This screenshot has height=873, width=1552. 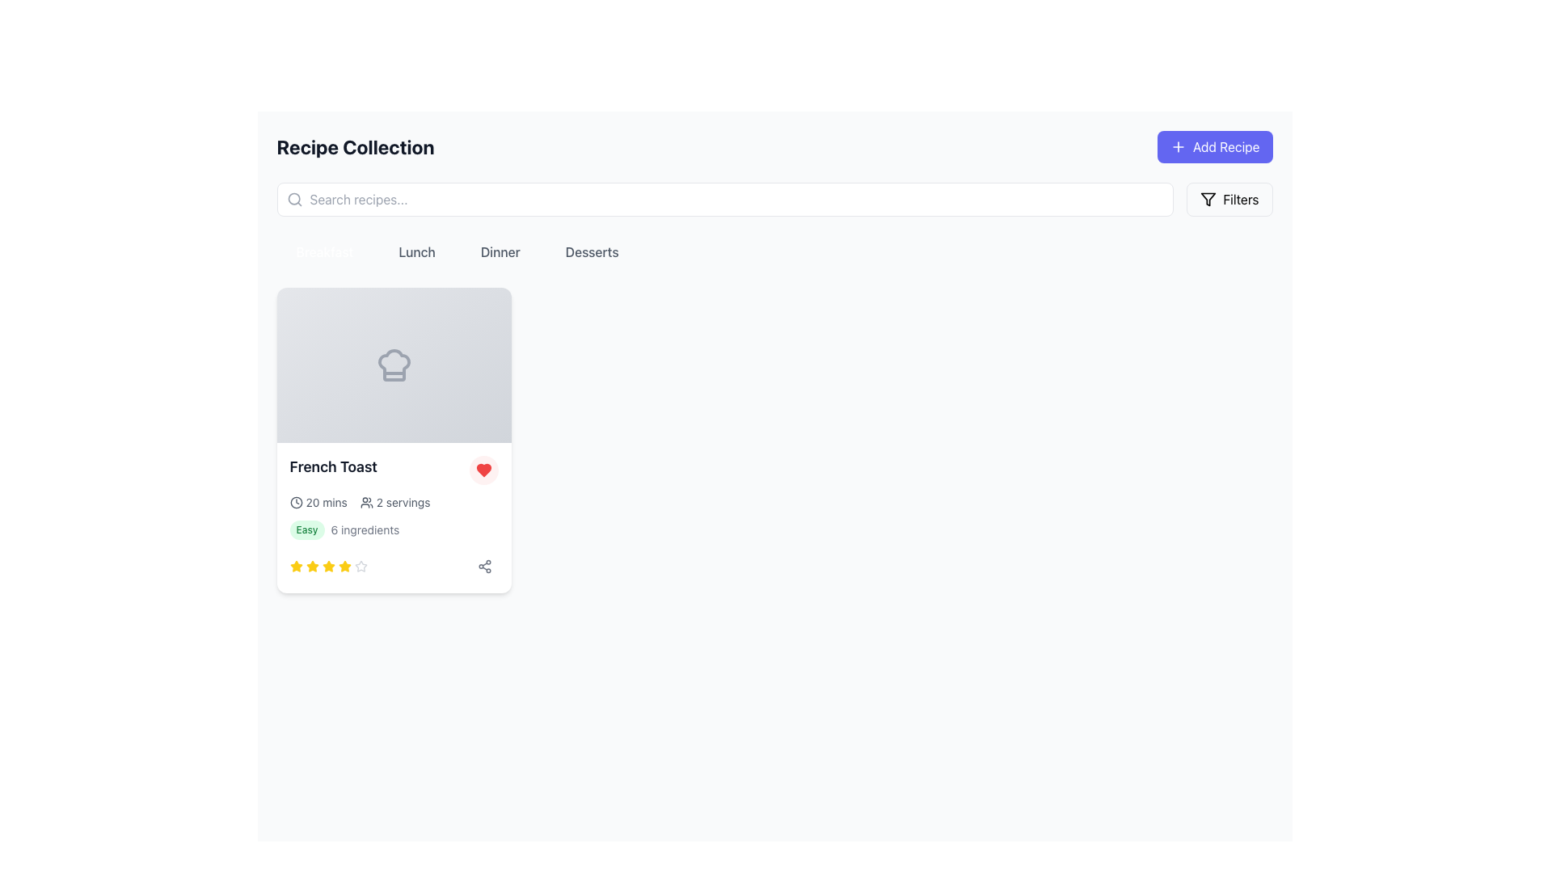 What do you see at coordinates (1215, 146) in the screenshot?
I see `the 'Add Recipe' button, which is a rectangular indigo button with rounded corners and labeled with white text and a '+' icon` at bounding box center [1215, 146].